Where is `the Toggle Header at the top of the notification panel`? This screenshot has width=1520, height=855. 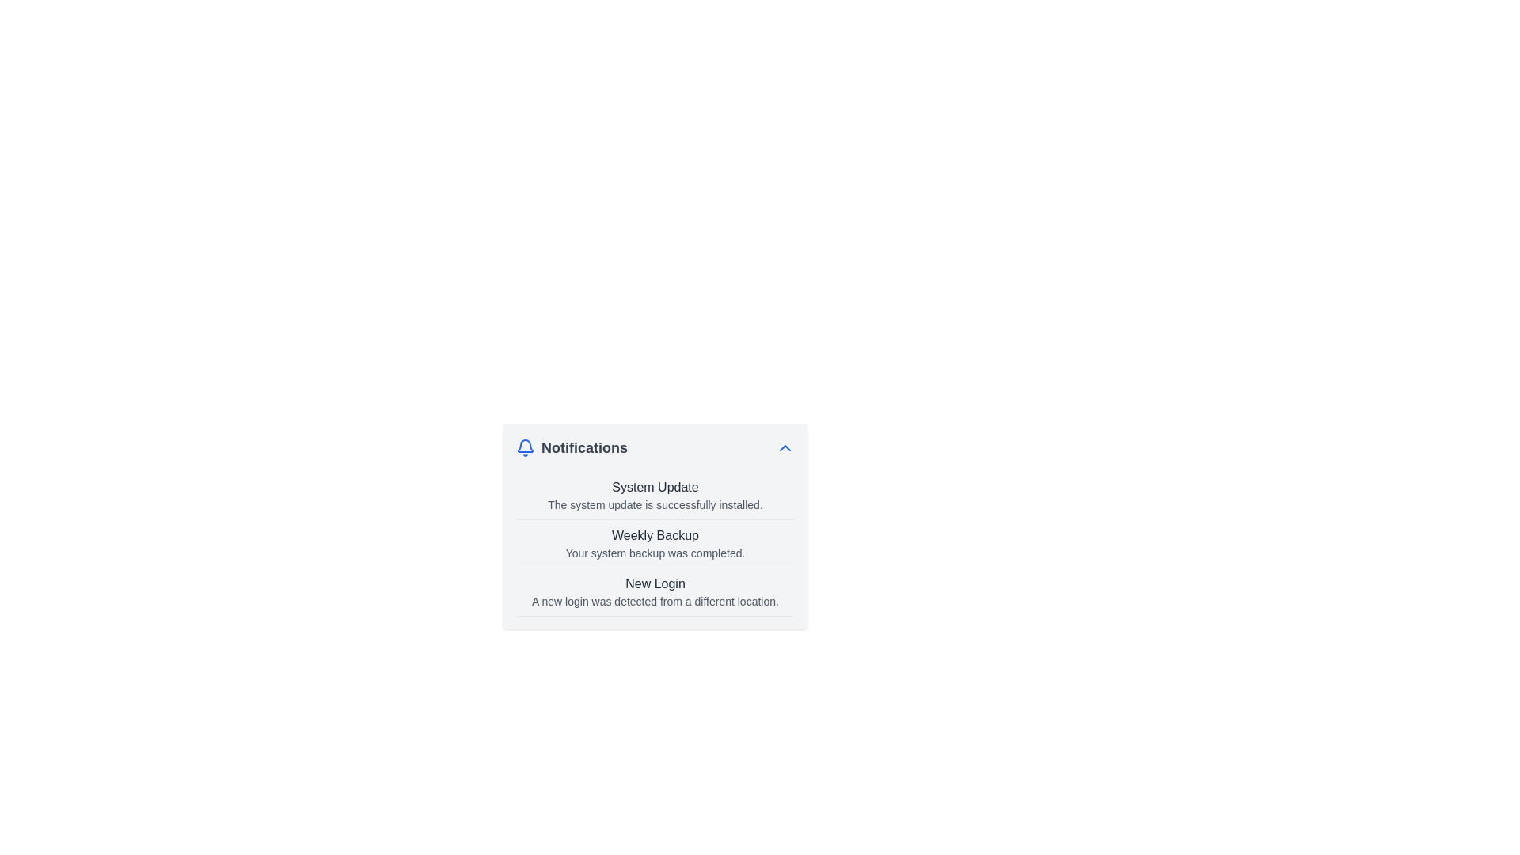 the Toggle Header at the top of the notification panel is located at coordinates (655, 448).